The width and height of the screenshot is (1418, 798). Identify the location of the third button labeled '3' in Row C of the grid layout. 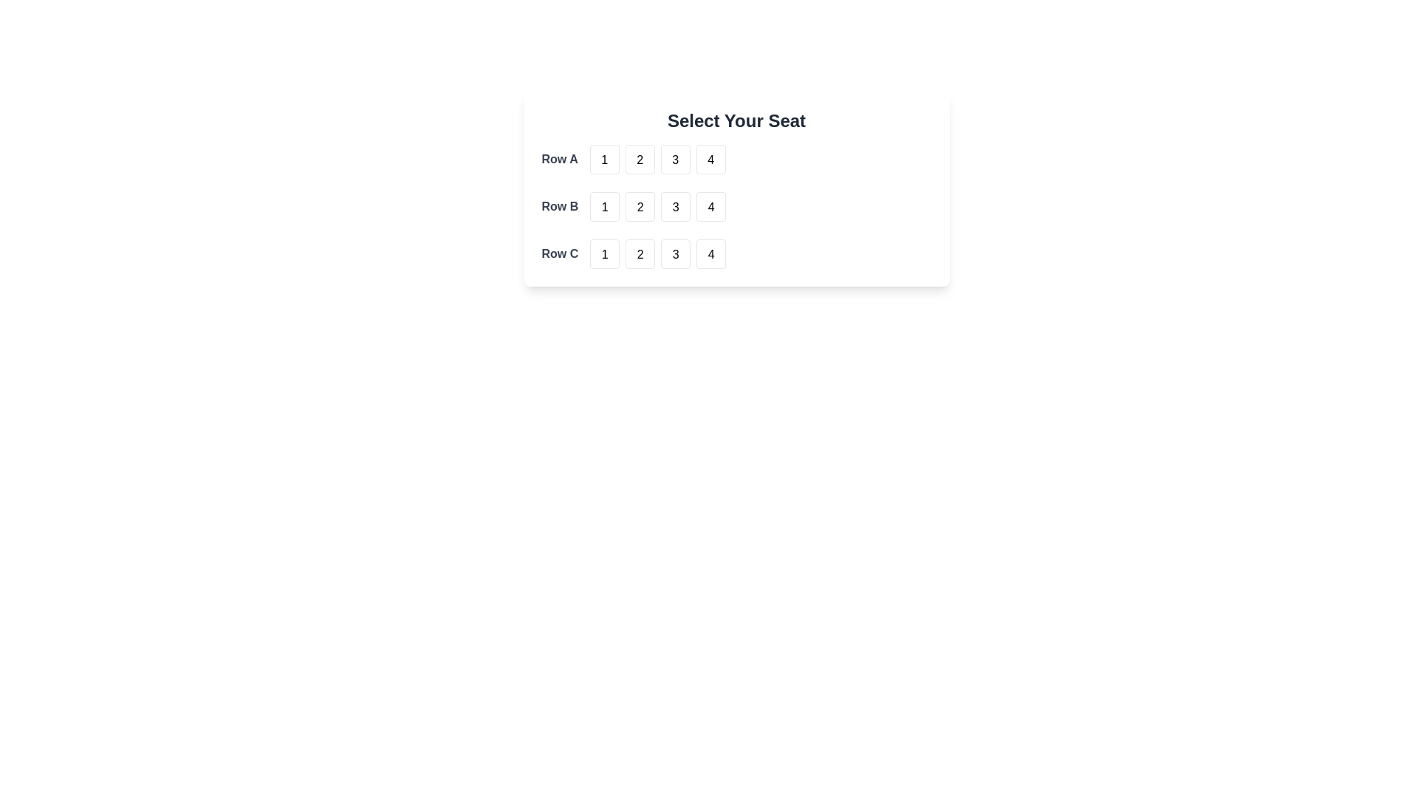
(675, 253).